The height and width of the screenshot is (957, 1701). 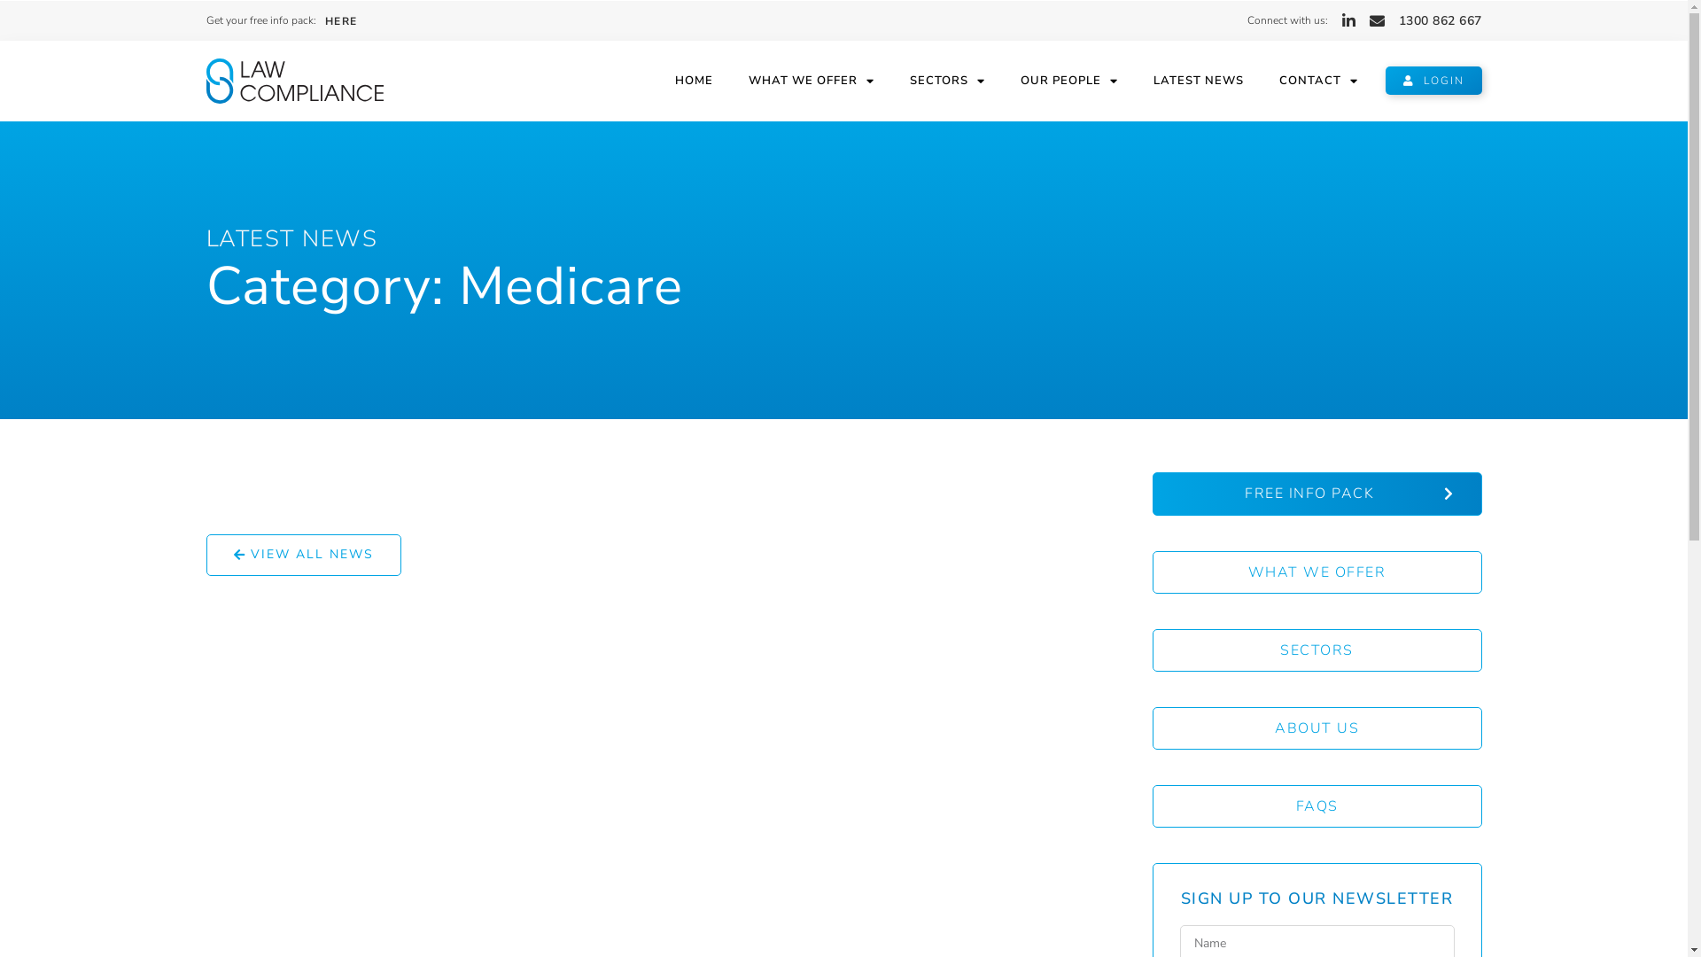 What do you see at coordinates (1152, 806) in the screenshot?
I see `'FAQS'` at bounding box center [1152, 806].